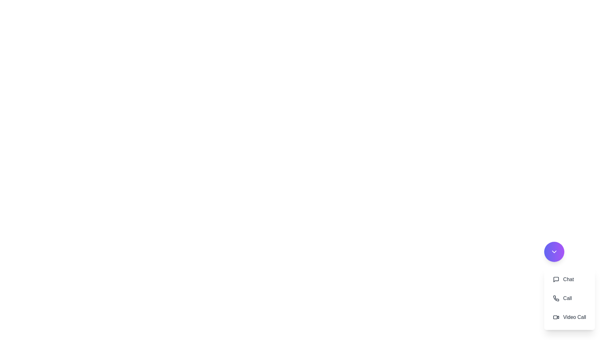 The image size is (605, 340). I want to click on the 'Chat' button to initiate a chat, so click(563, 279).